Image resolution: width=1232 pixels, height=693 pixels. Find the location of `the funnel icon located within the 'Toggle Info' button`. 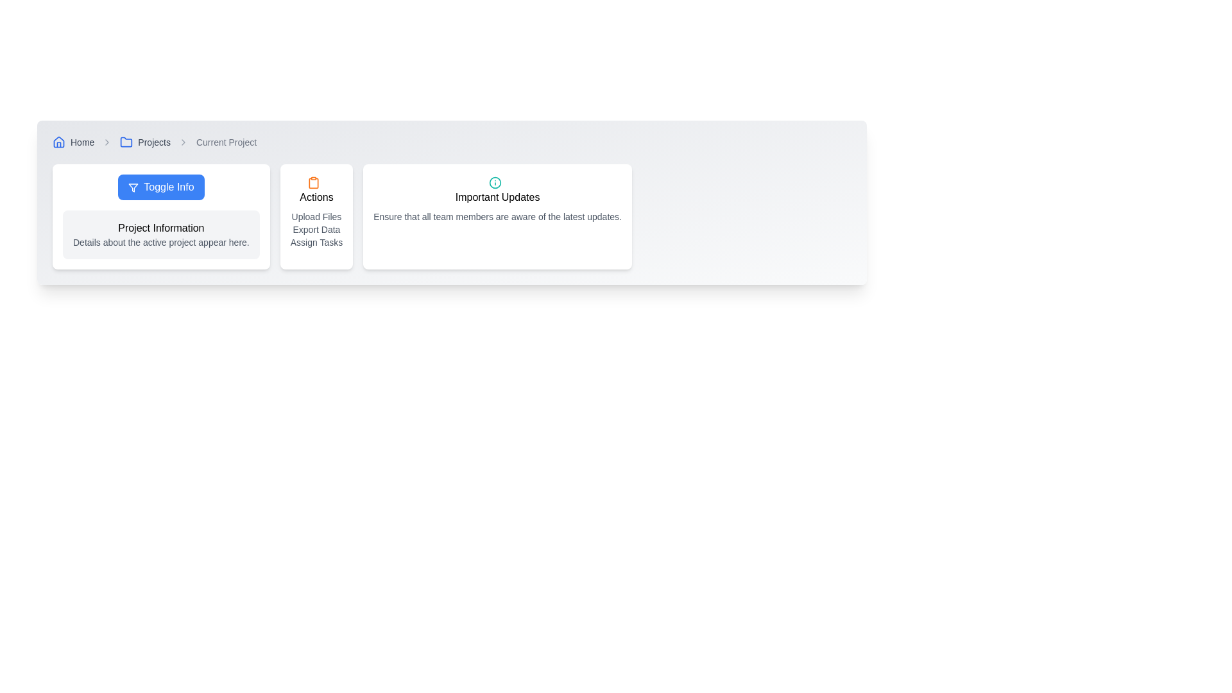

the funnel icon located within the 'Toggle Info' button is located at coordinates (133, 187).